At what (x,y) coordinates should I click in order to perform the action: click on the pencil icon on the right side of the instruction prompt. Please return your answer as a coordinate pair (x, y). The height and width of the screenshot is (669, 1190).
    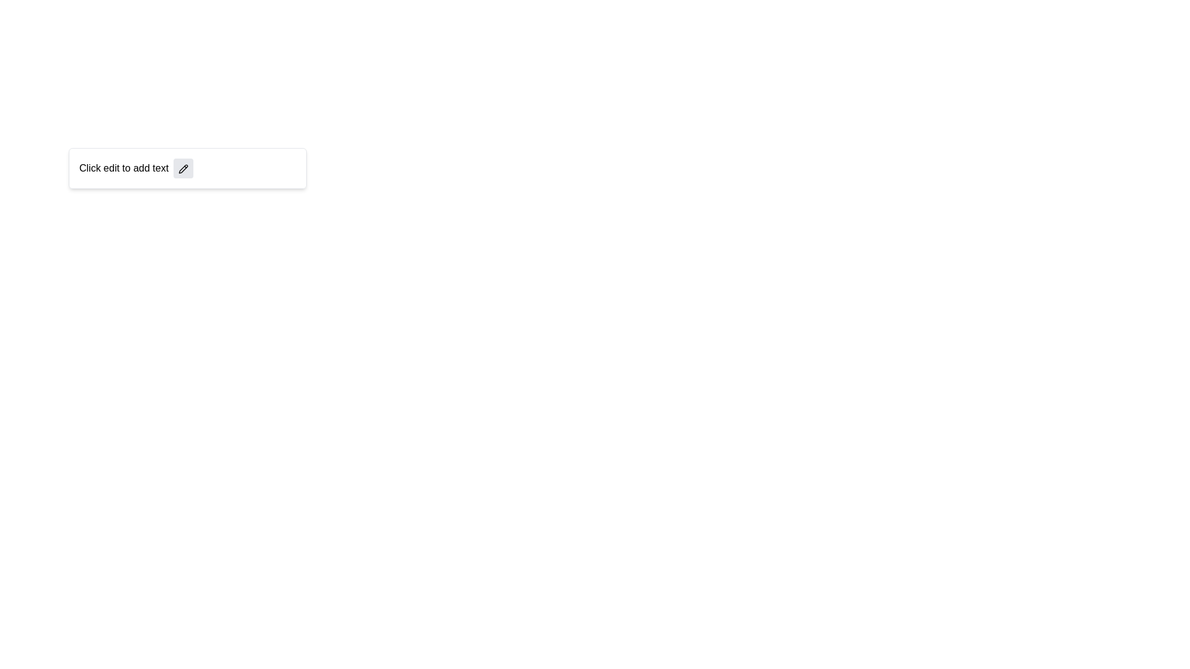
    Looking at the image, I should click on (187, 168).